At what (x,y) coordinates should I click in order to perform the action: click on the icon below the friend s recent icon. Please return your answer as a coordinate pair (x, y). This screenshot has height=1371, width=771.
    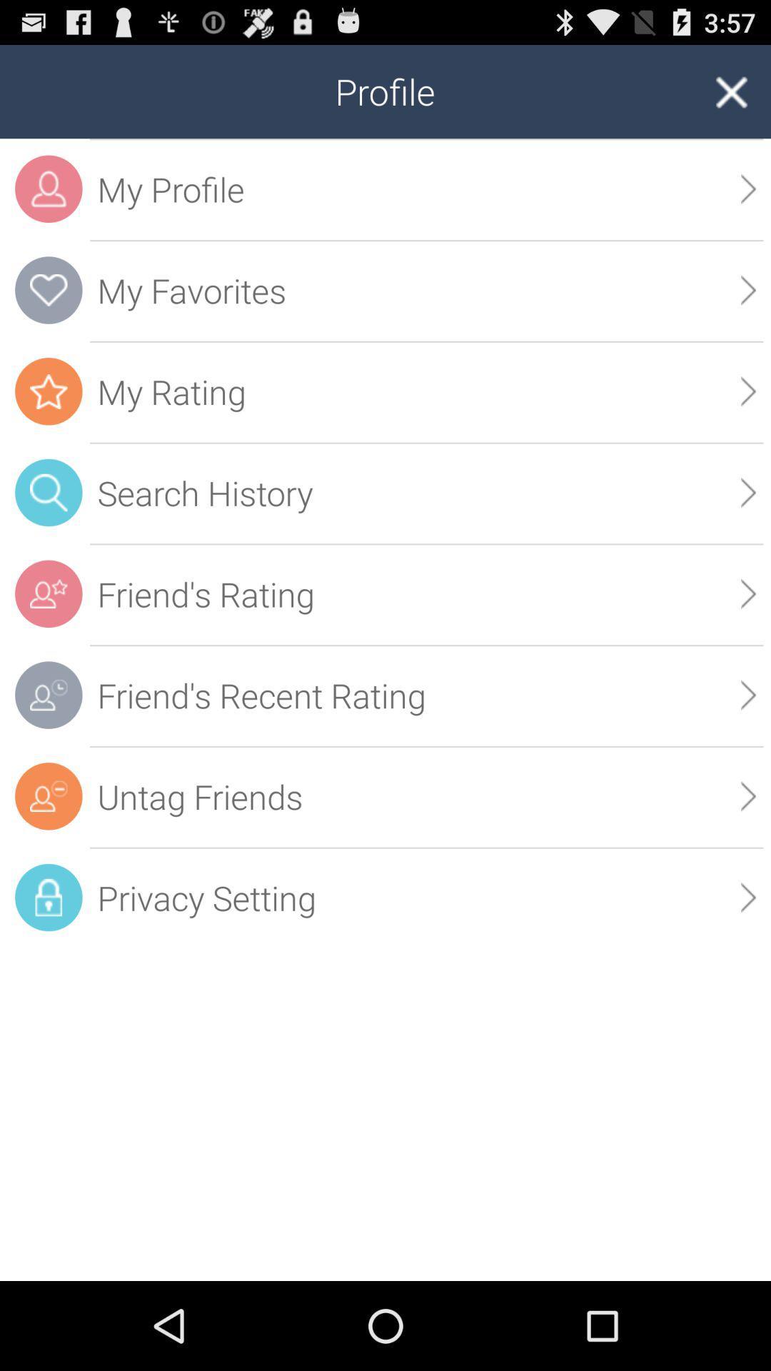
    Looking at the image, I should click on (425, 795).